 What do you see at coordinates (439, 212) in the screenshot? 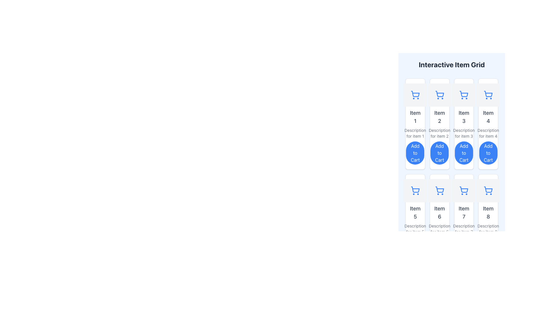
I see `the text label displaying 'Item 6', which is styled in a larger grayish font and is located in the second row, second column of the grid layout` at bounding box center [439, 212].